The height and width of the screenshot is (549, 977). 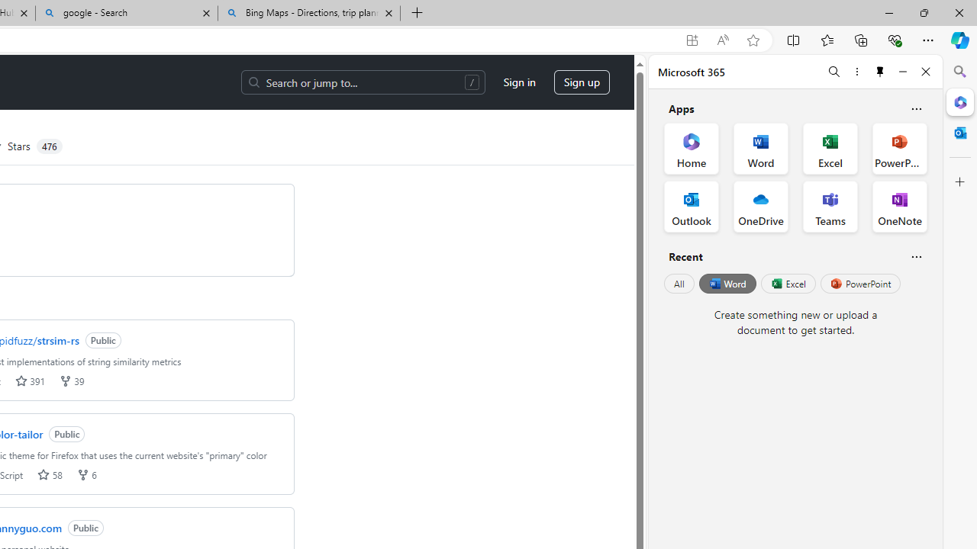 What do you see at coordinates (788, 284) in the screenshot?
I see `'Excel'` at bounding box center [788, 284].